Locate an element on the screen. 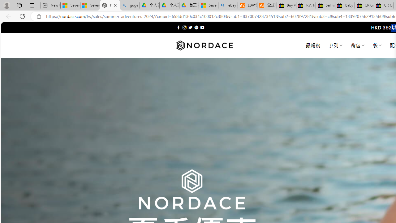 This screenshot has width=396, height=223. 'Follow on Twitter' is located at coordinates (190, 27).